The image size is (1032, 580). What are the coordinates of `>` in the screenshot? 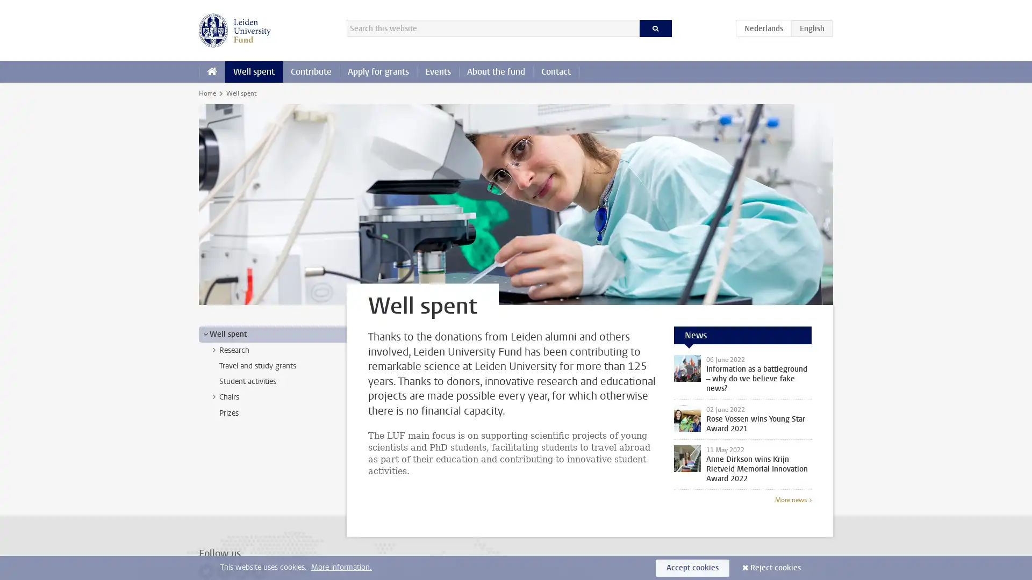 It's located at (205, 333).